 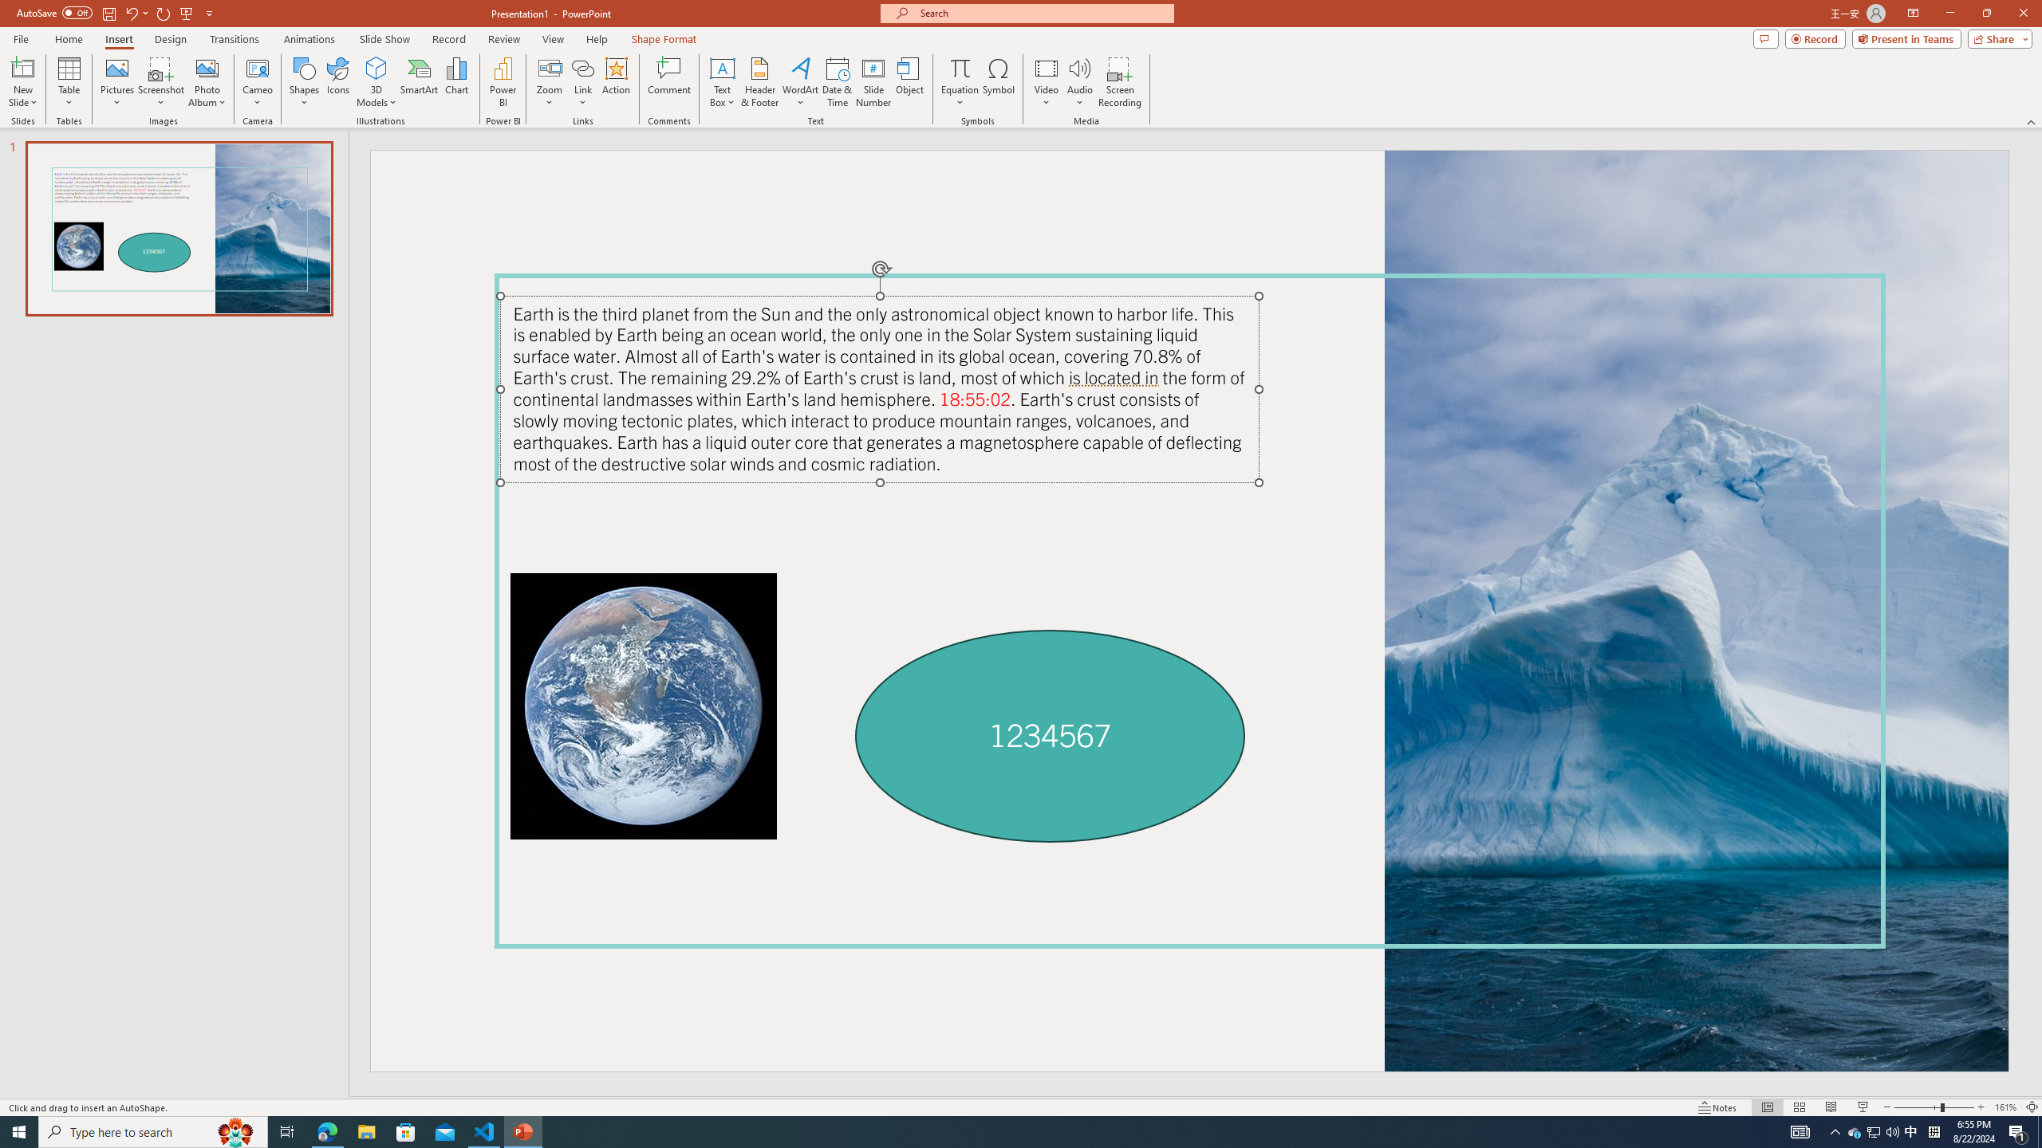 What do you see at coordinates (160, 82) in the screenshot?
I see `'Screenshot'` at bounding box center [160, 82].